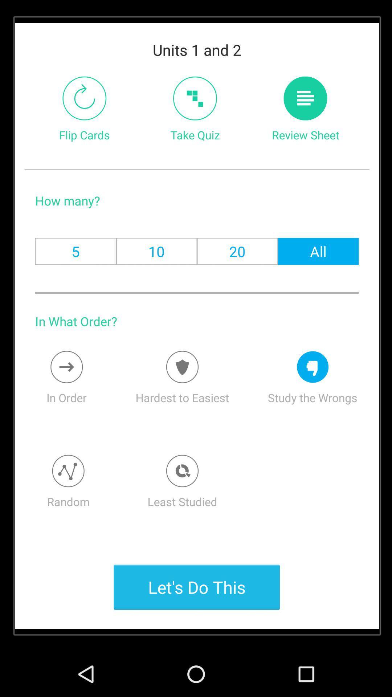 The width and height of the screenshot is (392, 697). What do you see at coordinates (312, 367) in the screenshot?
I see `studythewrongs` at bounding box center [312, 367].